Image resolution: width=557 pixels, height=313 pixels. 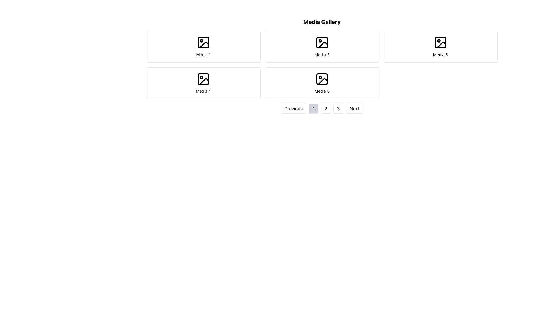 What do you see at coordinates (294, 108) in the screenshot?
I see `the leftmost button in the horizontally-aligned navigation set at the bottom center of the interface` at bounding box center [294, 108].